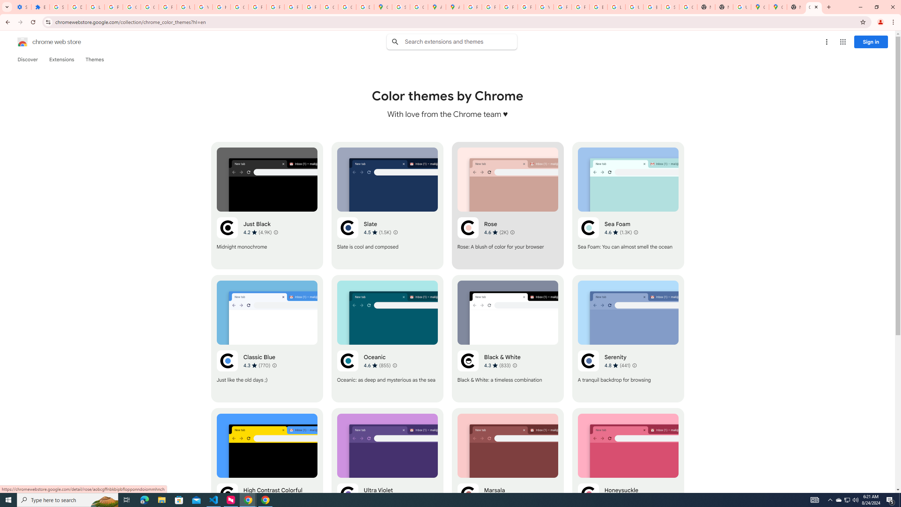  I want to click on 'Average rating 4.8 out of 5 stars. 441 ratings.', so click(617, 365).